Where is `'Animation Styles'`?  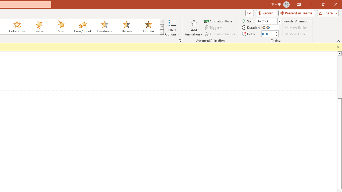 'Animation Styles' is located at coordinates (161, 32).